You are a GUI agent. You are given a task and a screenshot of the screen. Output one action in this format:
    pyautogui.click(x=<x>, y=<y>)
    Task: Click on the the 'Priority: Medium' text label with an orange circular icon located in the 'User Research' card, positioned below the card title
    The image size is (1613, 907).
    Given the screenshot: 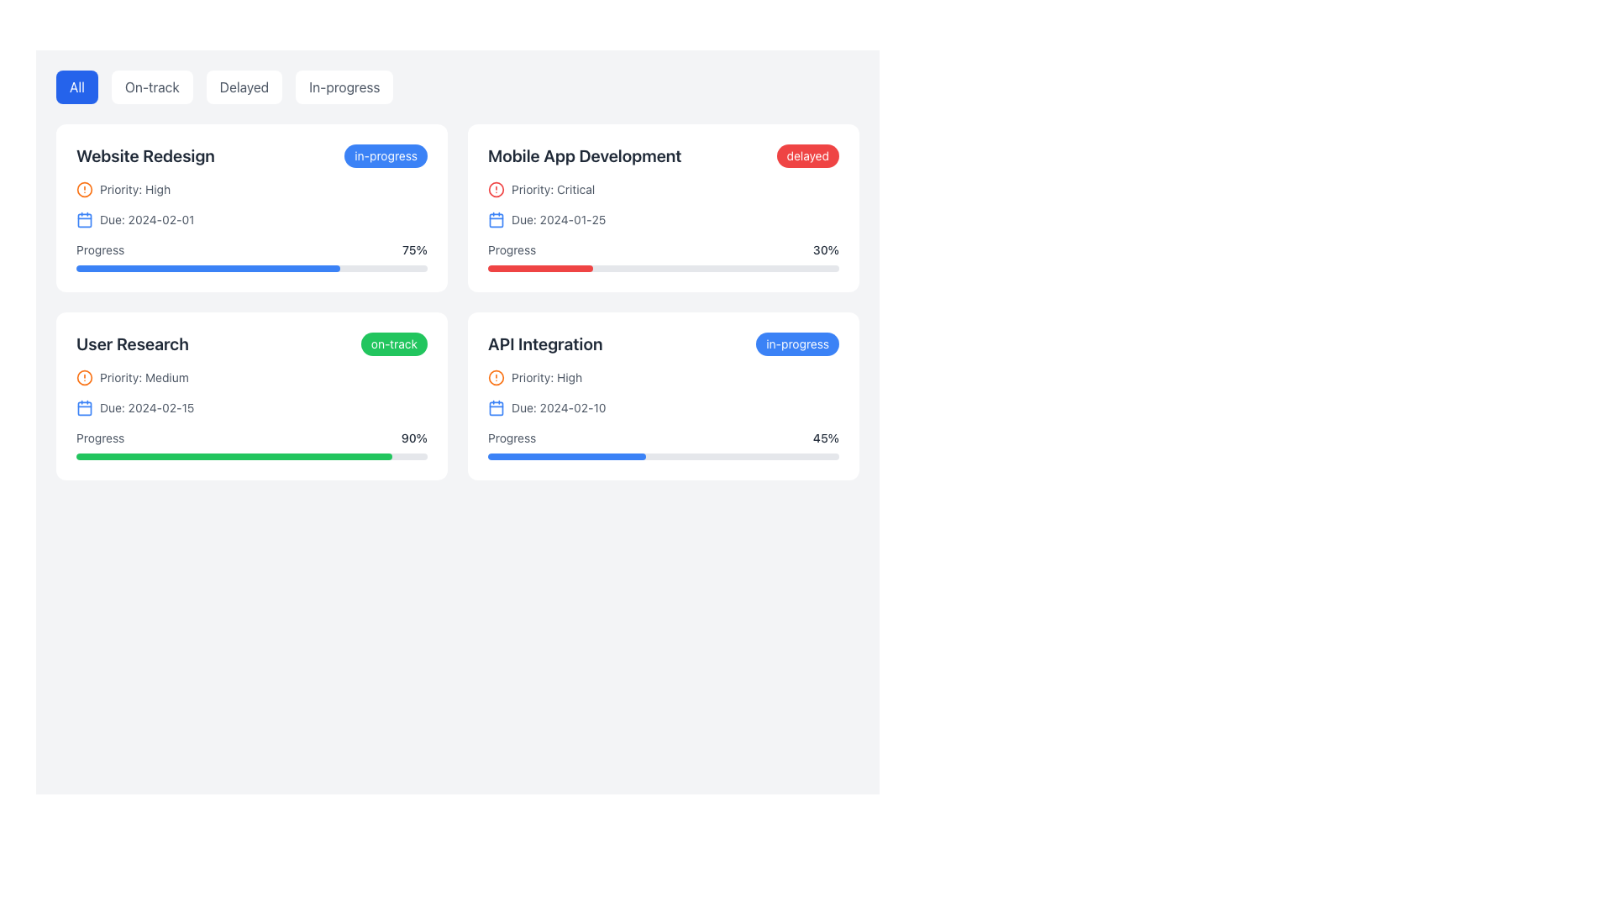 What is the action you would take?
    pyautogui.click(x=144, y=378)
    